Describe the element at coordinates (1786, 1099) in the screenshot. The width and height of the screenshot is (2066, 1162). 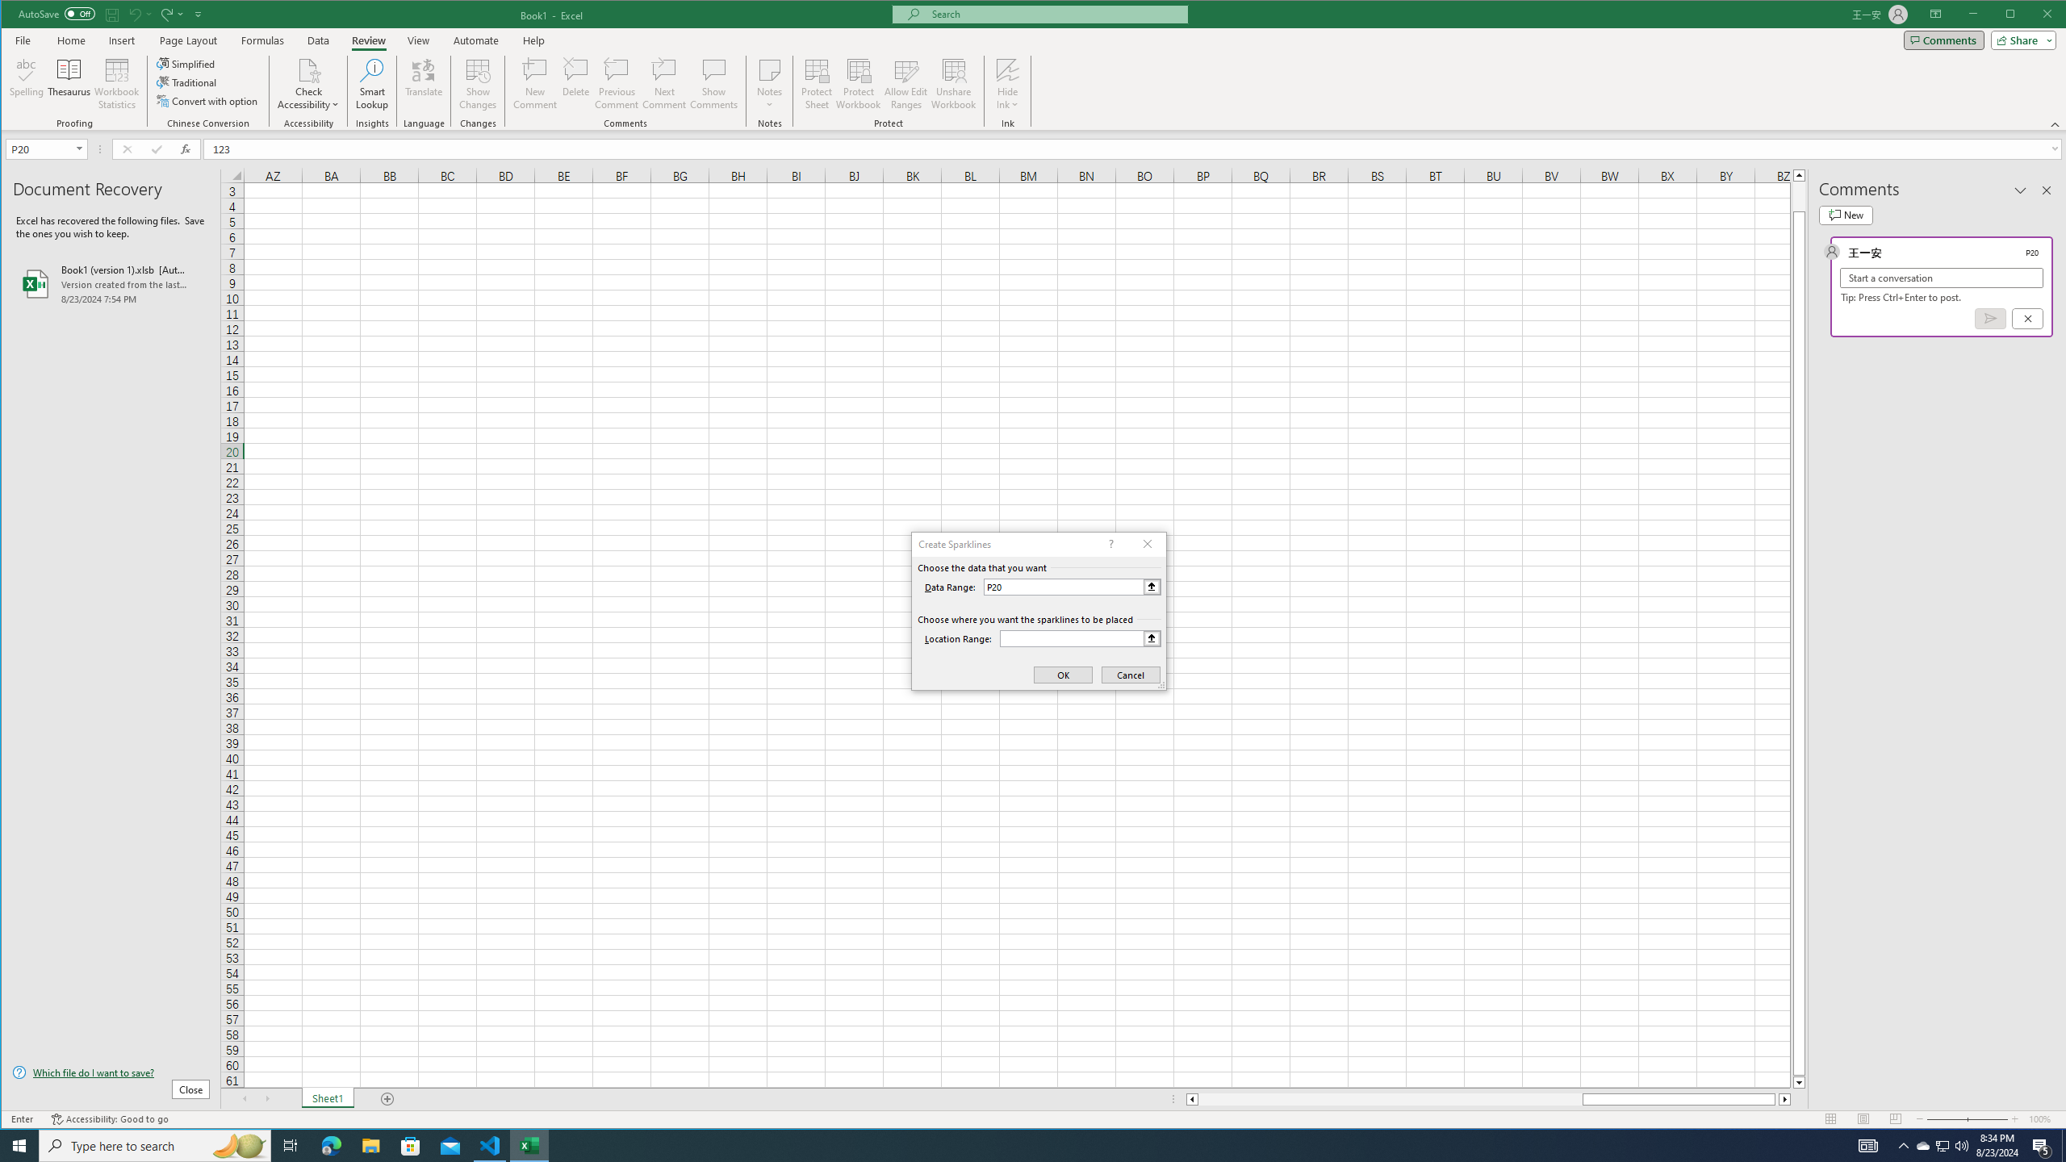
I see `'Column right'` at that location.